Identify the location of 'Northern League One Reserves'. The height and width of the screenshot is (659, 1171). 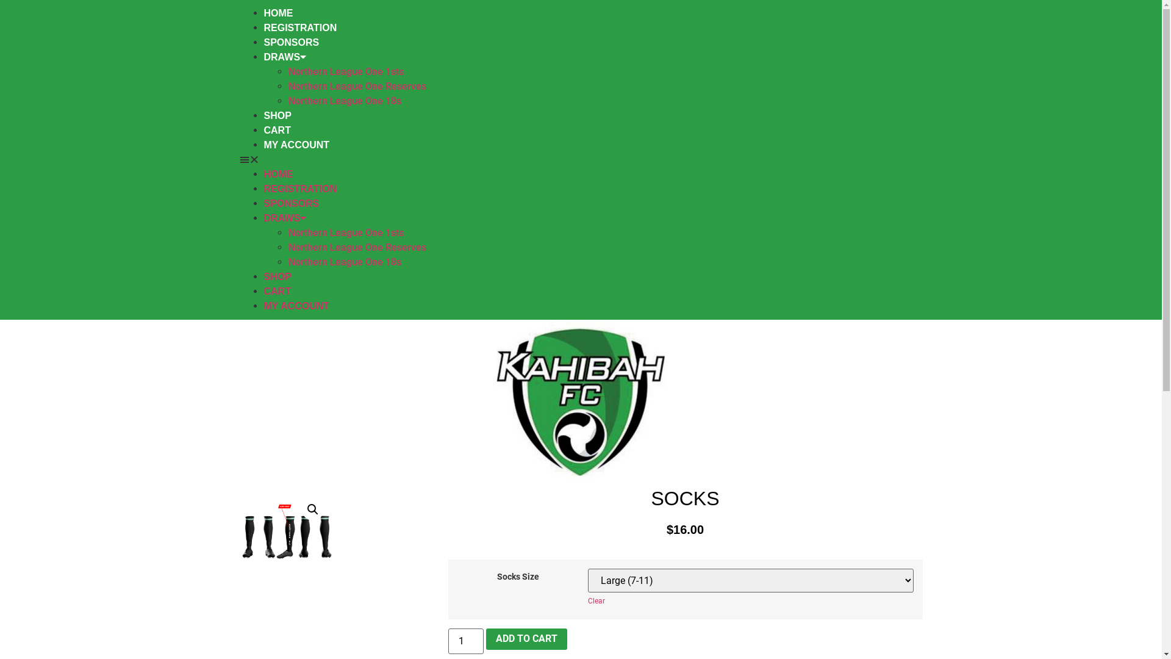
(287, 247).